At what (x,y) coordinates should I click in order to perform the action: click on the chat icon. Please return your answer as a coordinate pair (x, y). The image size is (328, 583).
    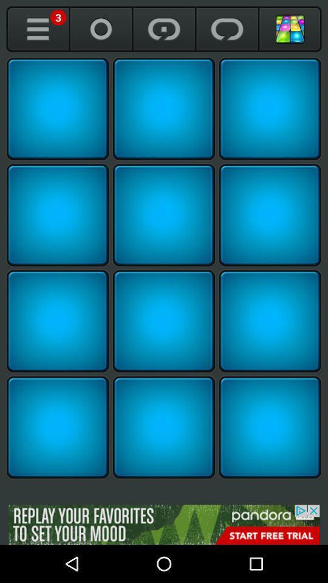
    Looking at the image, I should click on (227, 29).